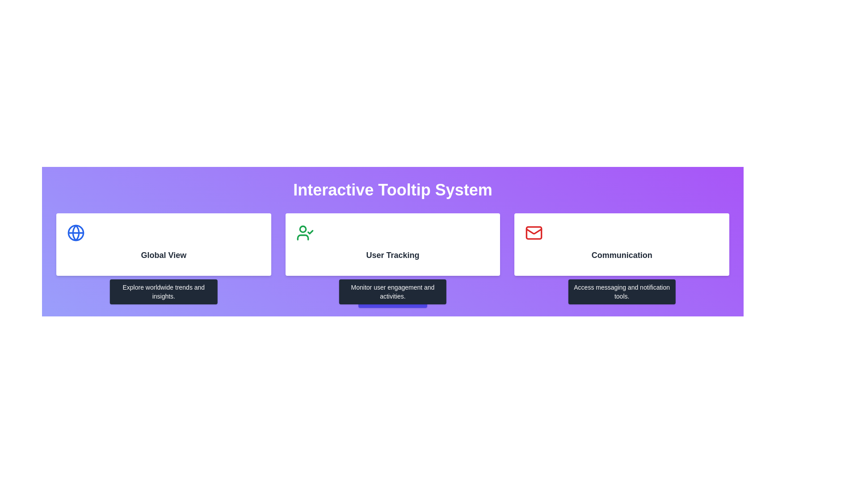 This screenshot has width=858, height=482. I want to click on the tooltip that appears below the 'Communication' heading, which contains the text 'Access messaging and notification tools.', so click(621, 292).